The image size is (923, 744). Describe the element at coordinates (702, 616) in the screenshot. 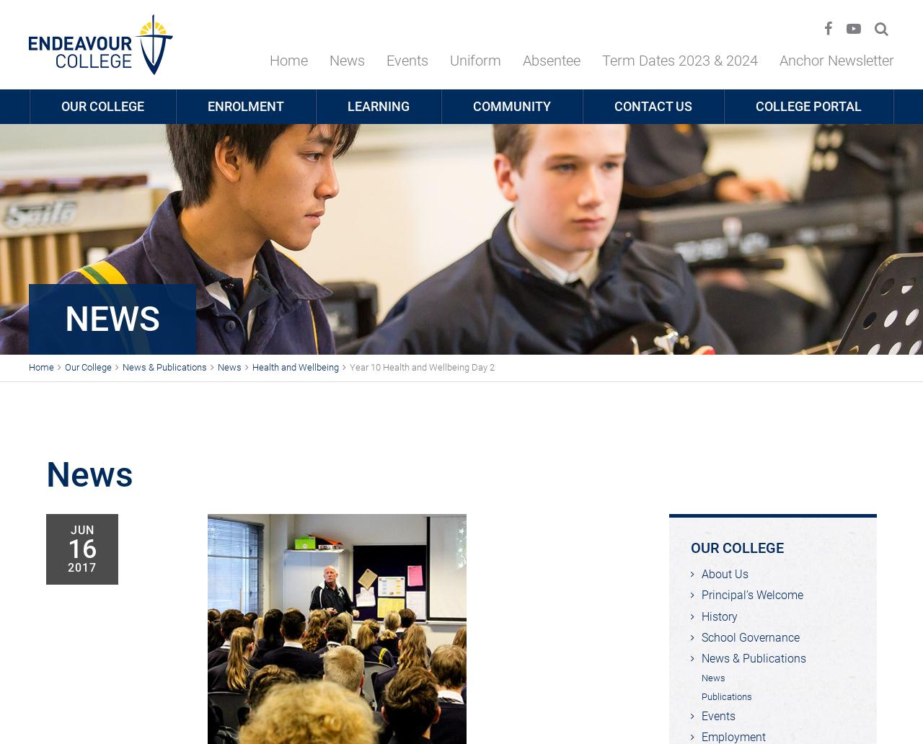

I see `'History'` at that location.